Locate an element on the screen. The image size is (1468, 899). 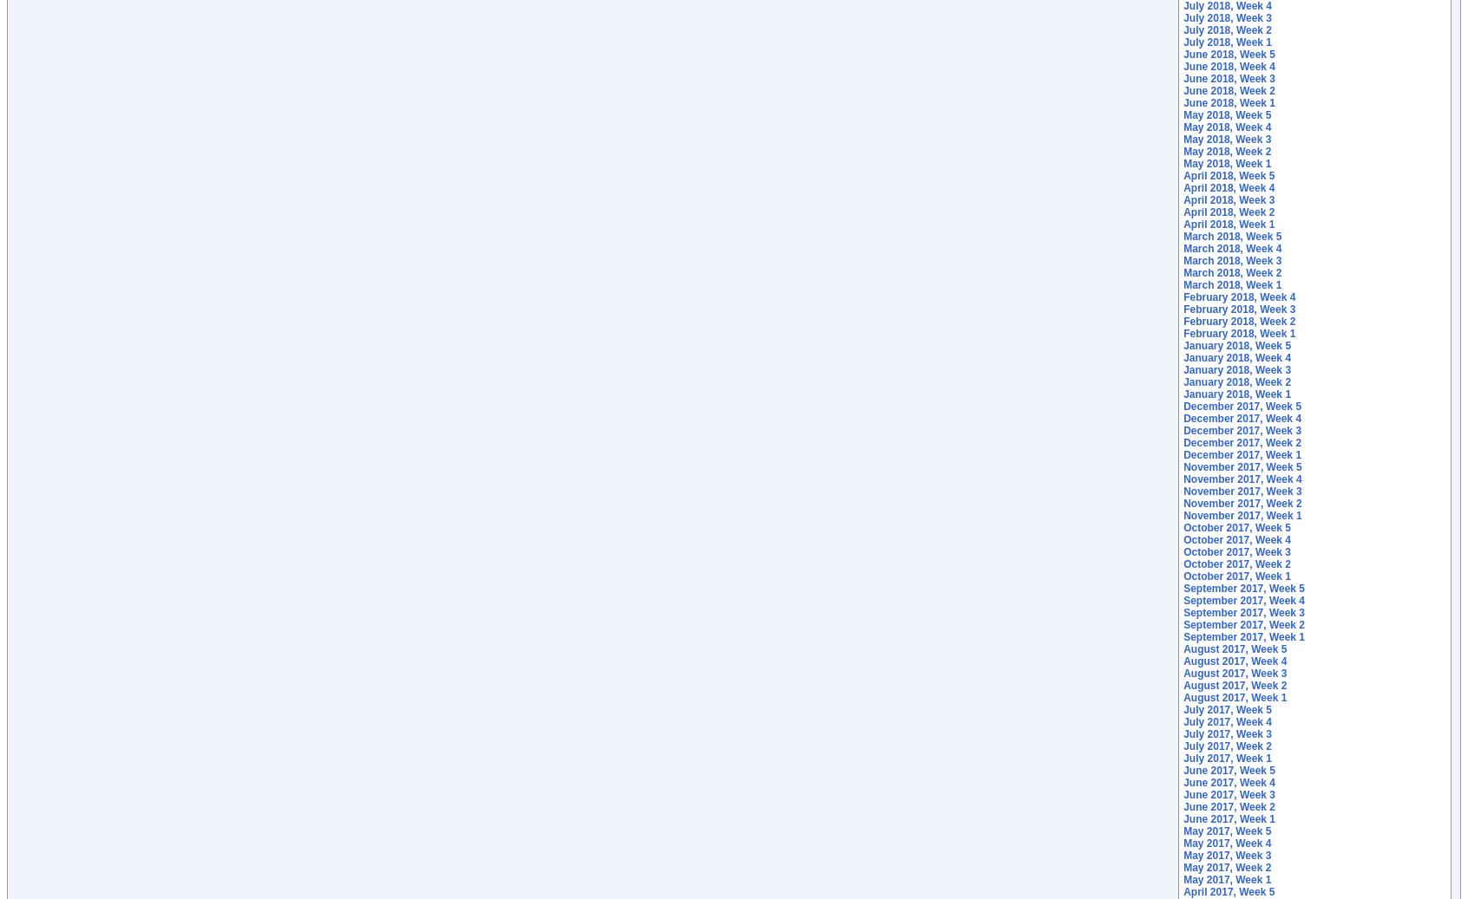
'May 2017, Week 5' is located at coordinates (1183, 831).